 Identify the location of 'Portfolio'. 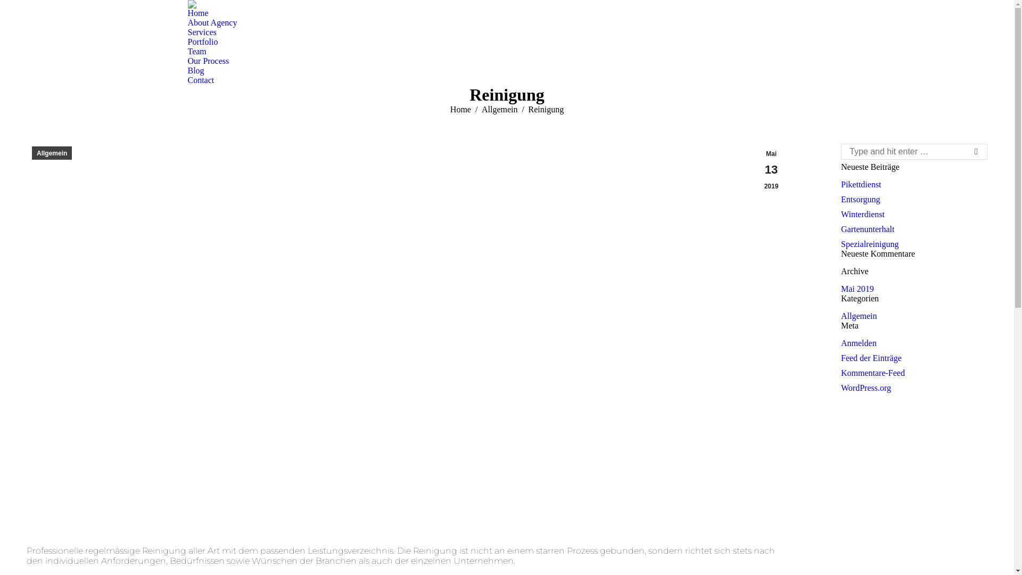
(187, 41).